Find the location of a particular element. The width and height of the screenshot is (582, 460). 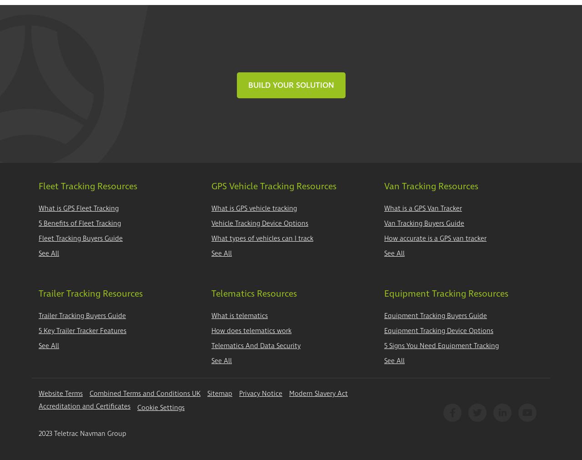

'Website Terms' is located at coordinates (38, 394).